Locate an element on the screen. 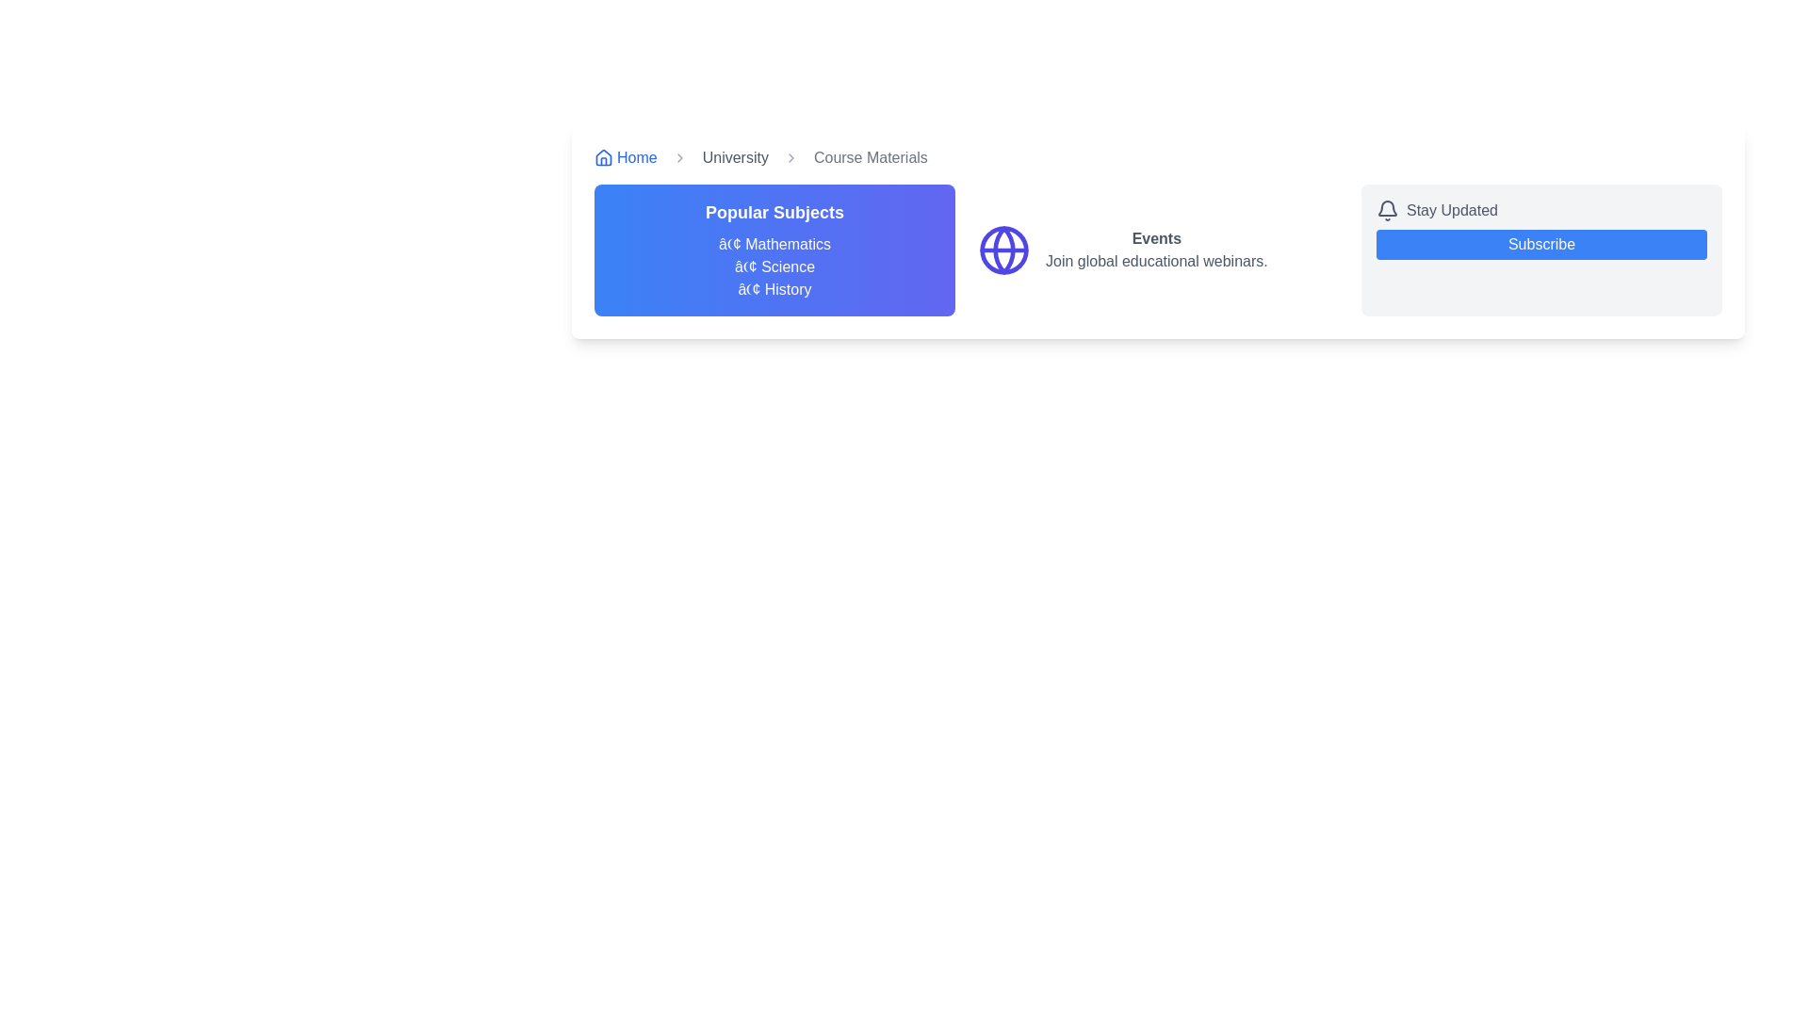  the text label displaying '• History' which is styled in white font against a gradient blue background, located directly below '• Science' in the vertical list of subjects under 'Popular Subjects' is located at coordinates (774, 290).